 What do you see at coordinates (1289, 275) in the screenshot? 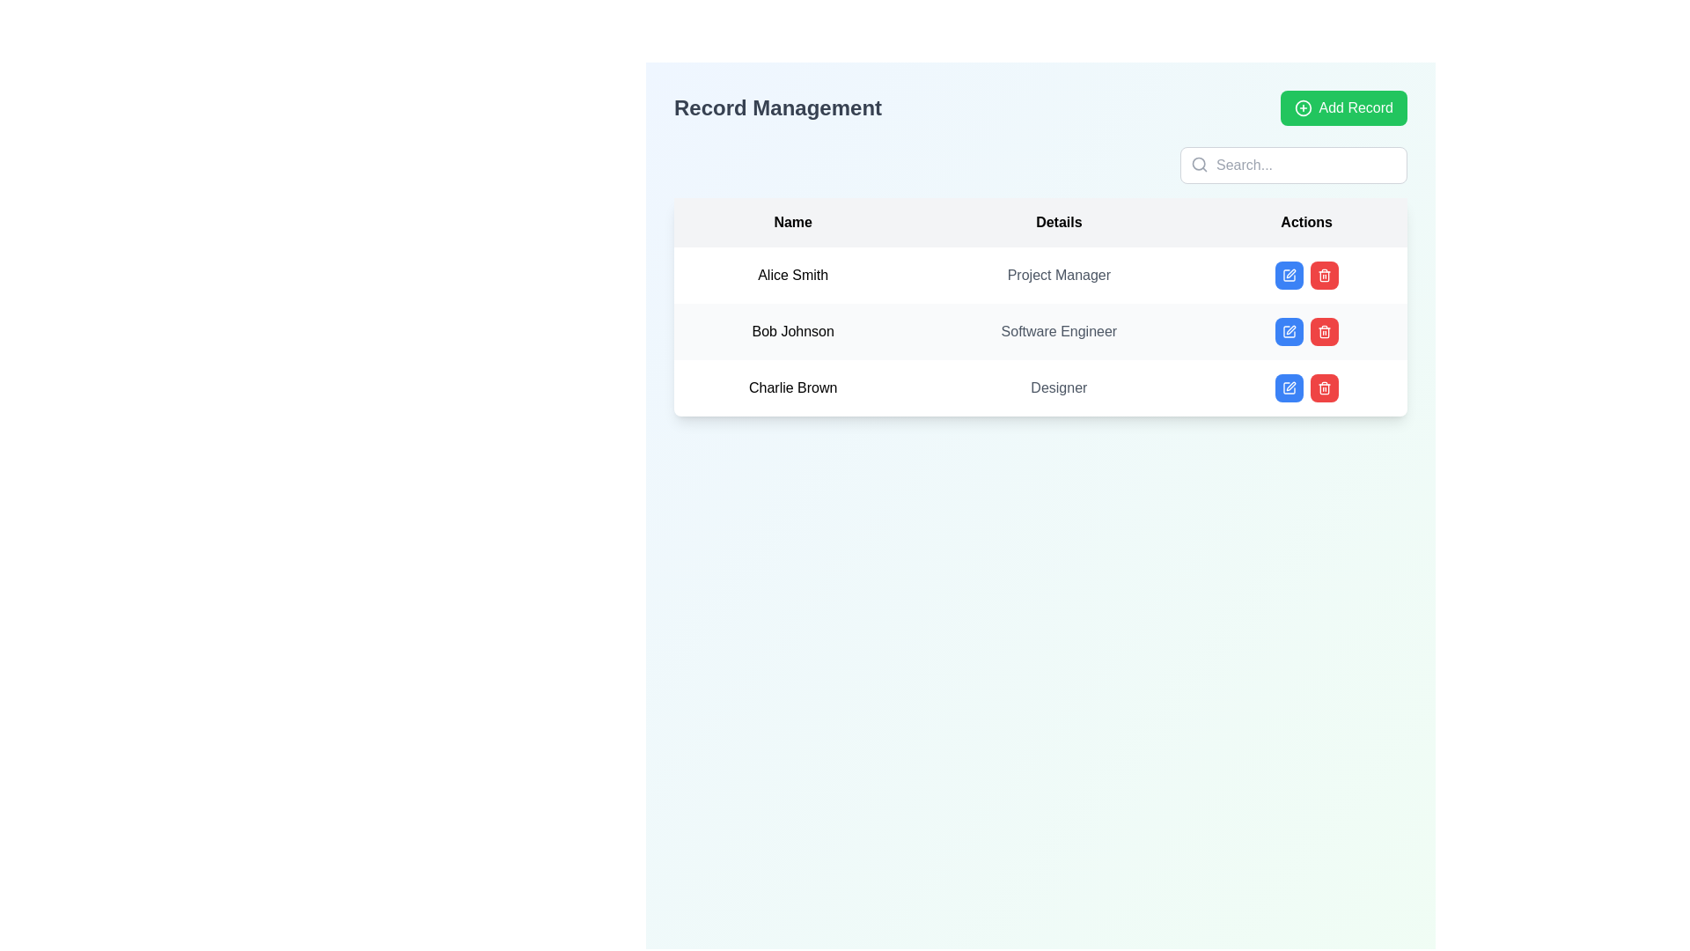
I see `the editable icon button (pen graphic) in the action column of the table next to the 'Project Manager' row` at bounding box center [1289, 275].